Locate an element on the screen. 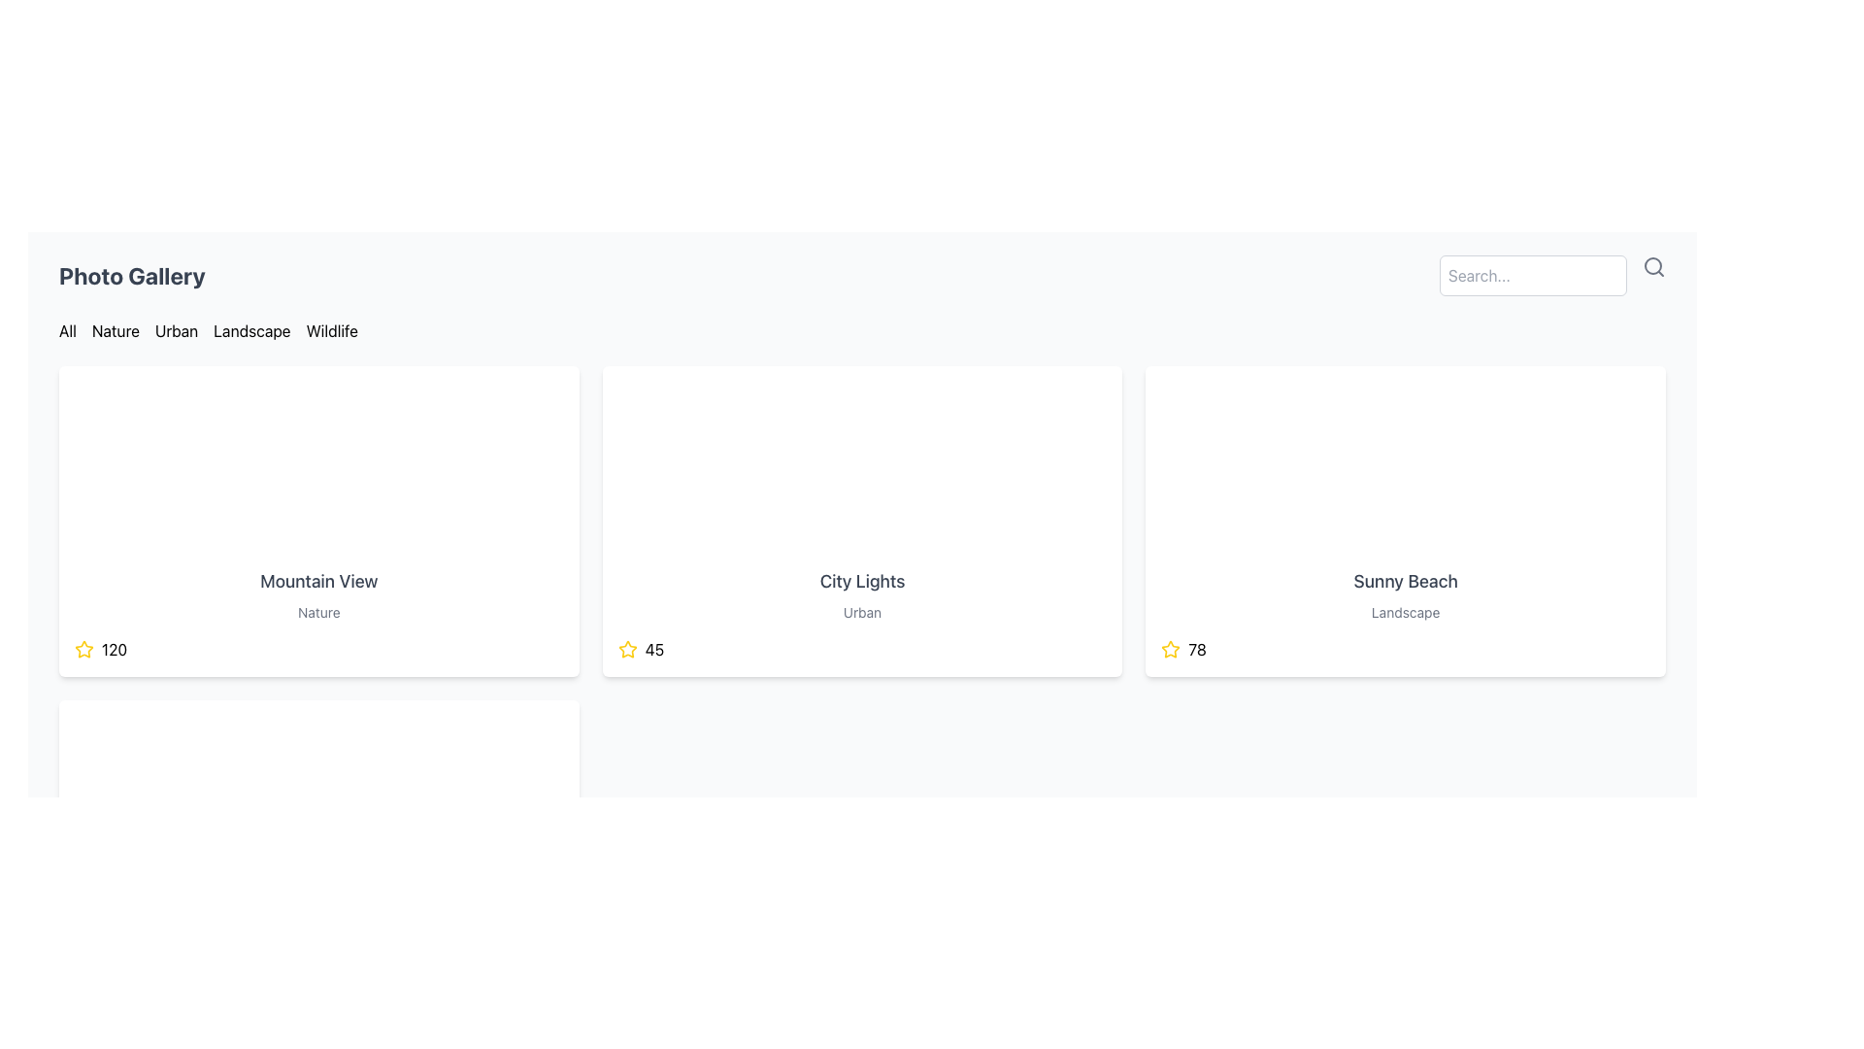 The height and width of the screenshot is (1049, 1864). the 'Sunny Beach' static text label, which is the title of the third card in a horizontal series, styled in gray color and located at the top of its card layout is located at coordinates (1406, 580).